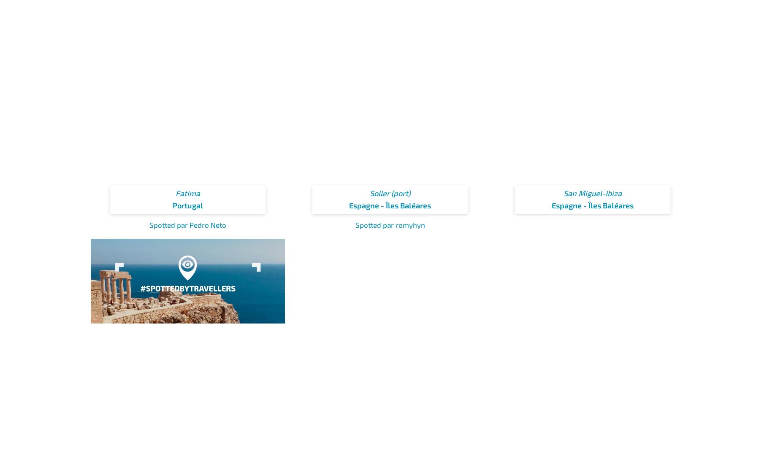 The image size is (781, 453). Describe the element at coordinates (592, 192) in the screenshot. I see `'San Miguel-Ibiza'` at that location.